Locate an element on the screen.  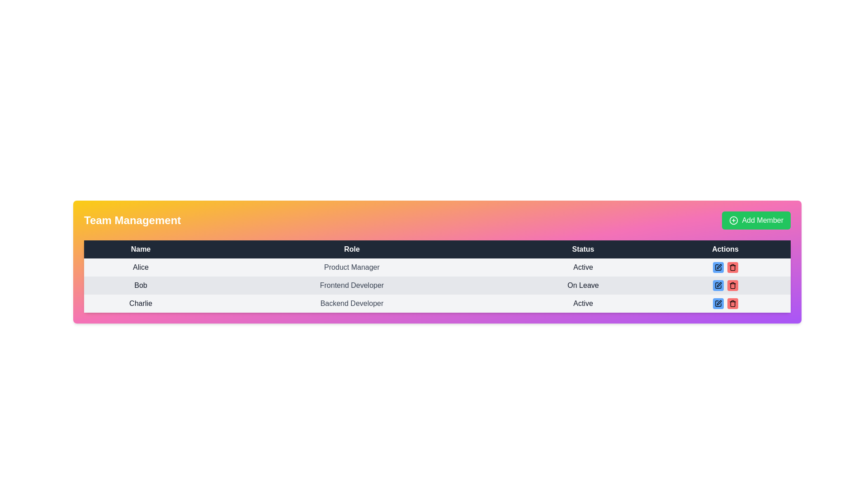
the Text Label displaying the name of a team member in the team management table, located in the first text of the third row and the leftmost column labeled 'Name' is located at coordinates (140, 303).